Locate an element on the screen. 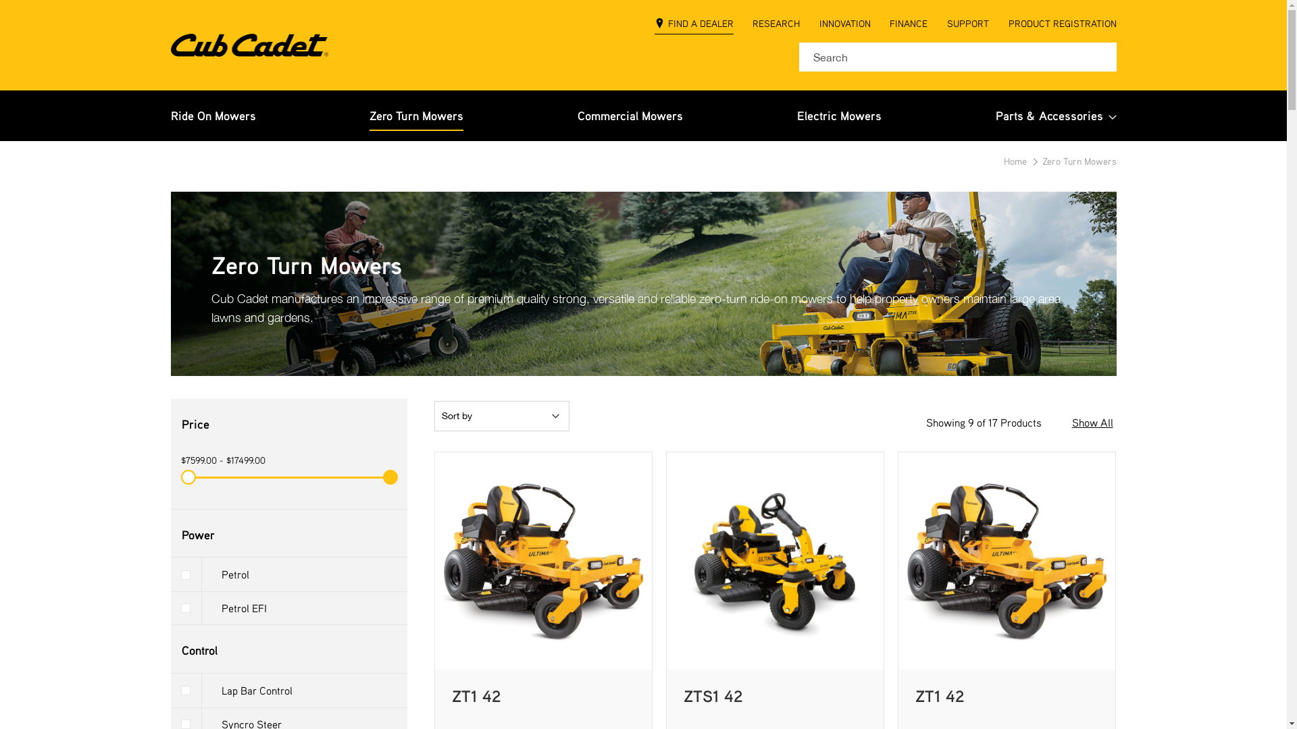  'Cub Cadet' is located at coordinates (249, 44).